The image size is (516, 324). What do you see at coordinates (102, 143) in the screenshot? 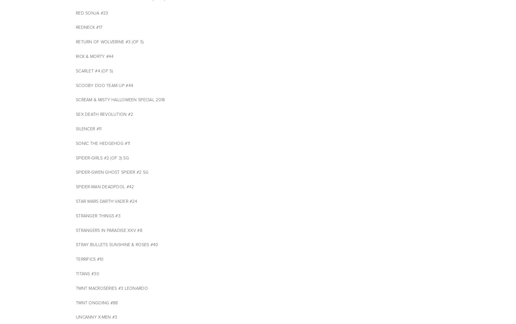
I see `'SONIC THE HEDGEHOG #11'` at bounding box center [102, 143].